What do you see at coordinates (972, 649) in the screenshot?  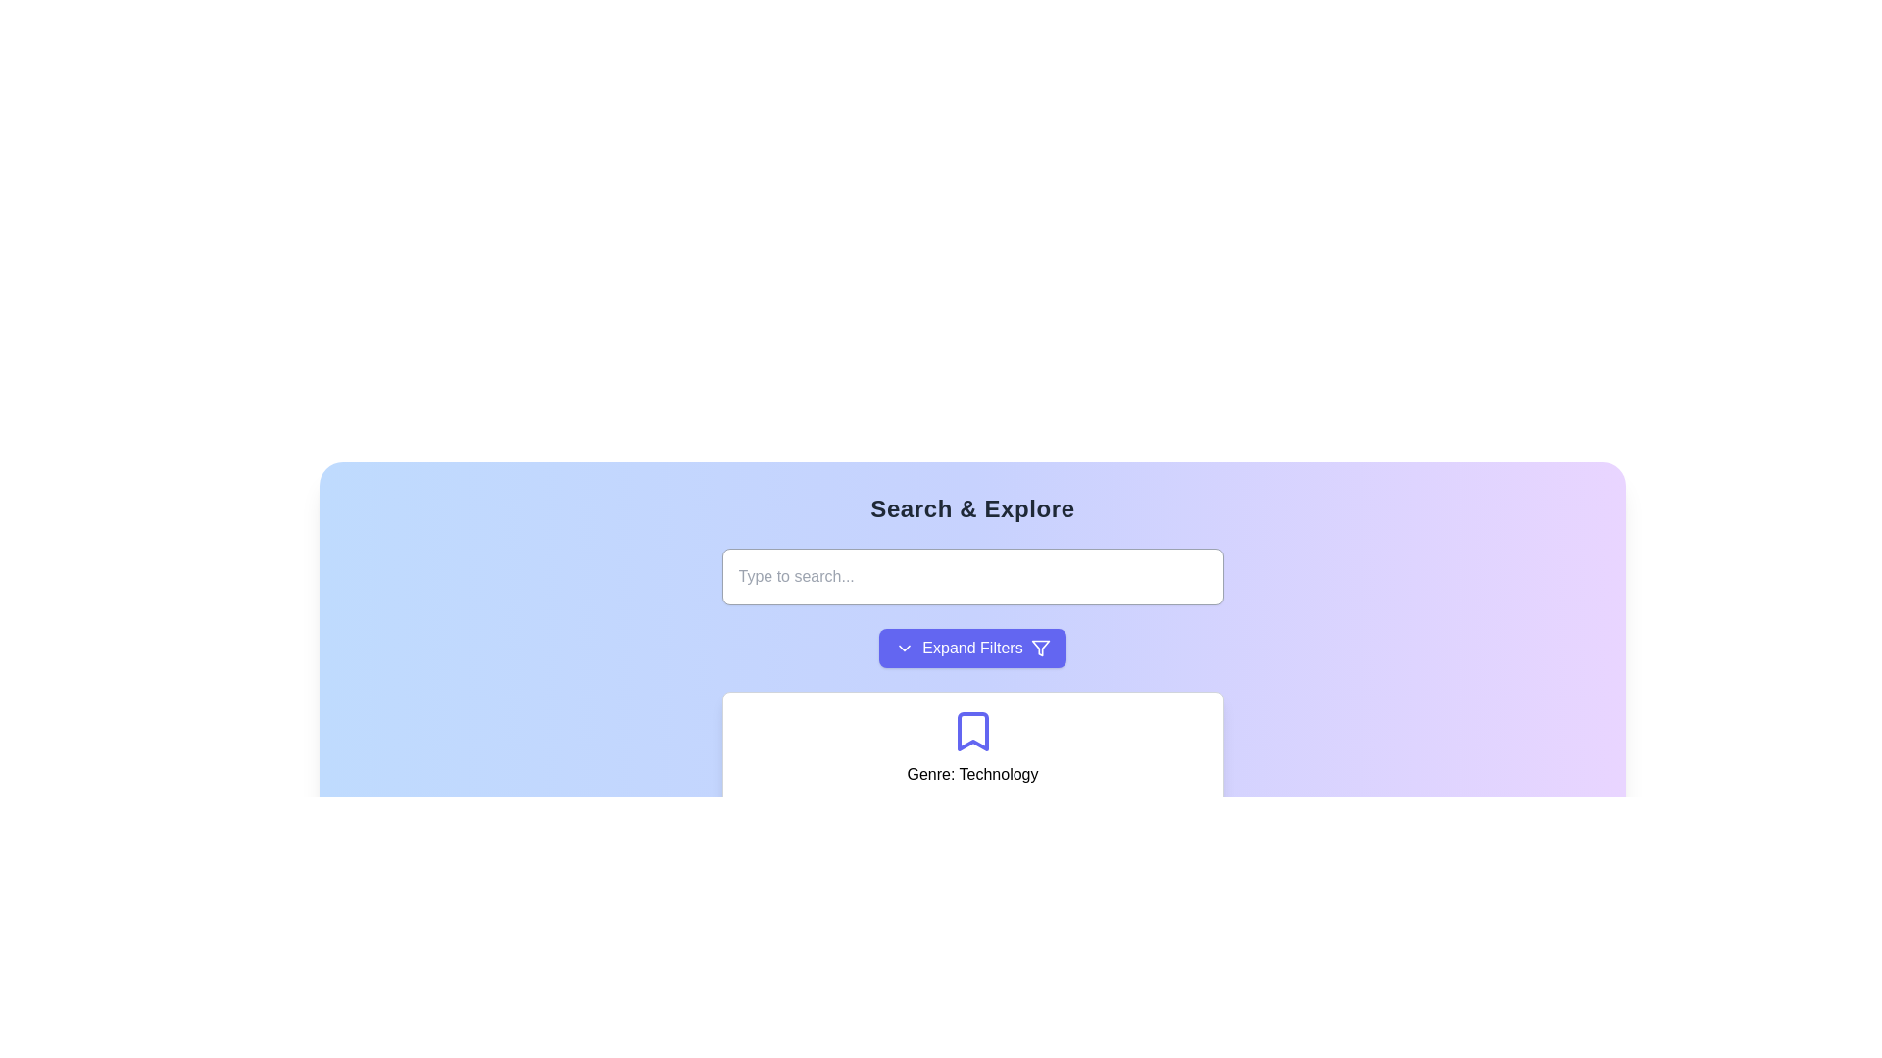 I see `the text label within the button that toggles or expands the filter section` at bounding box center [972, 649].